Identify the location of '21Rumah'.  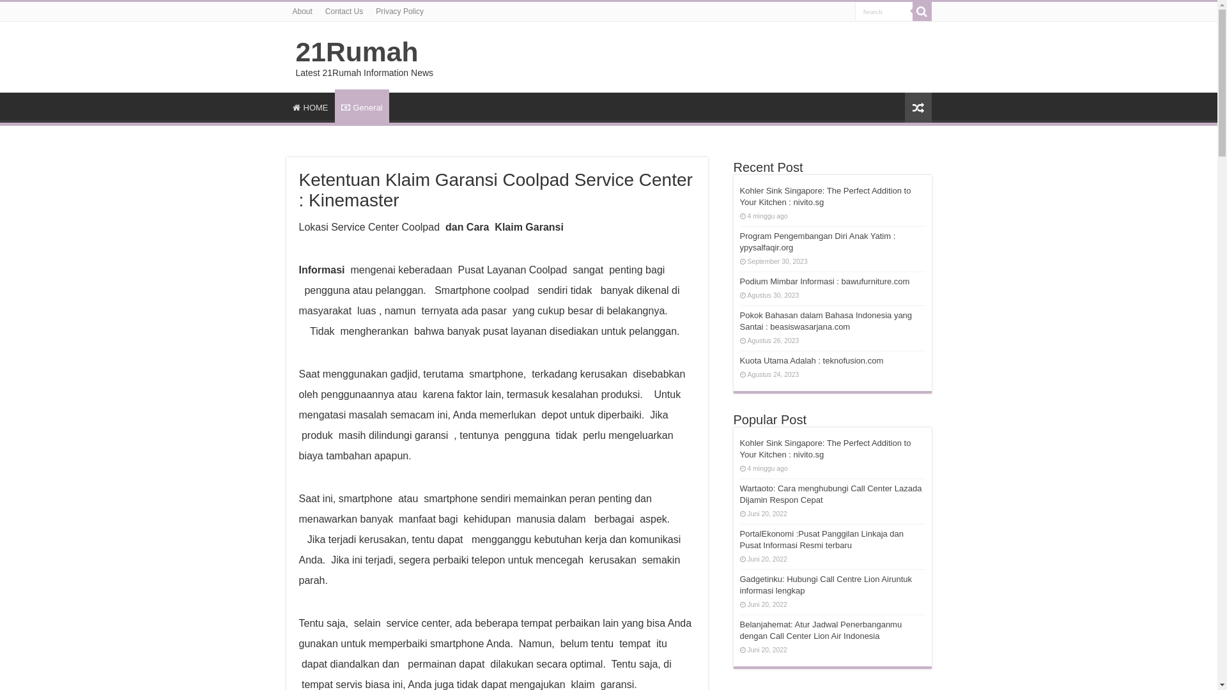
(356, 51).